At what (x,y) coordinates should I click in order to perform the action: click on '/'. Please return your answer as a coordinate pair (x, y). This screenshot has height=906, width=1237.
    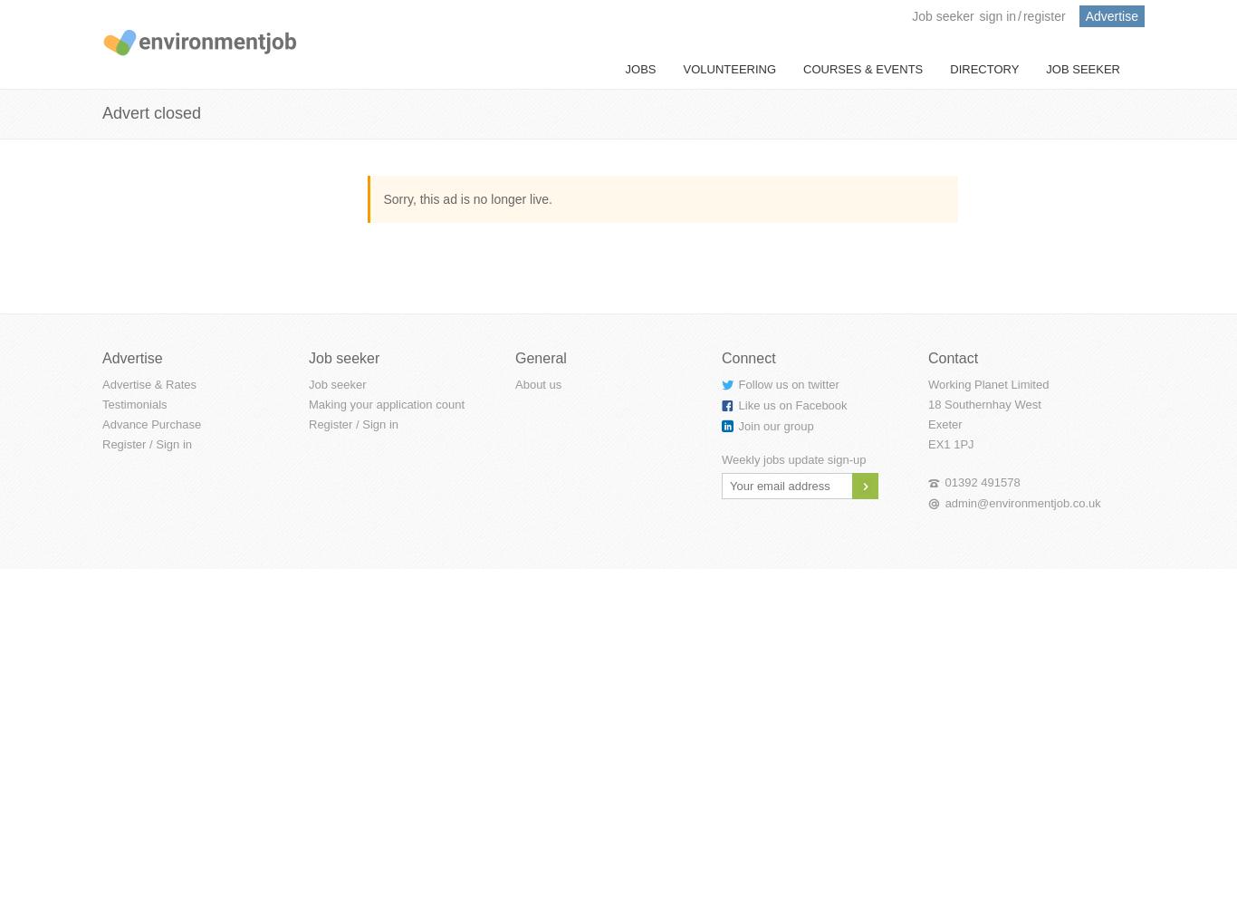
    Looking at the image, I should click on (1018, 16).